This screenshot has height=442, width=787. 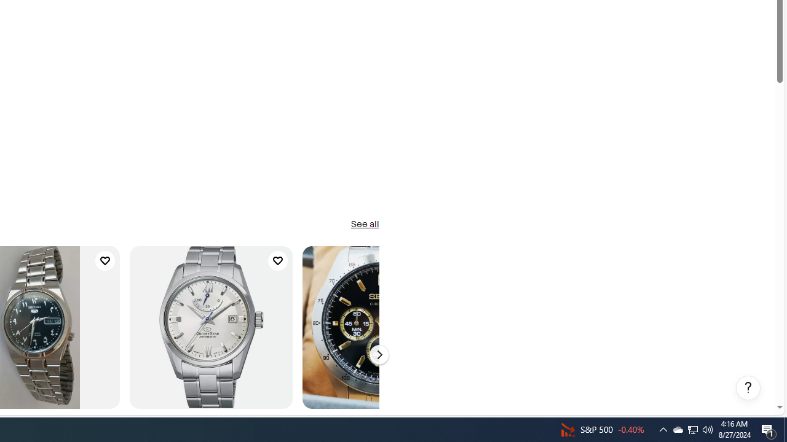 I want to click on 'Go to the next slide, Wristwatches - Carousel', so click(x=378, y=355).